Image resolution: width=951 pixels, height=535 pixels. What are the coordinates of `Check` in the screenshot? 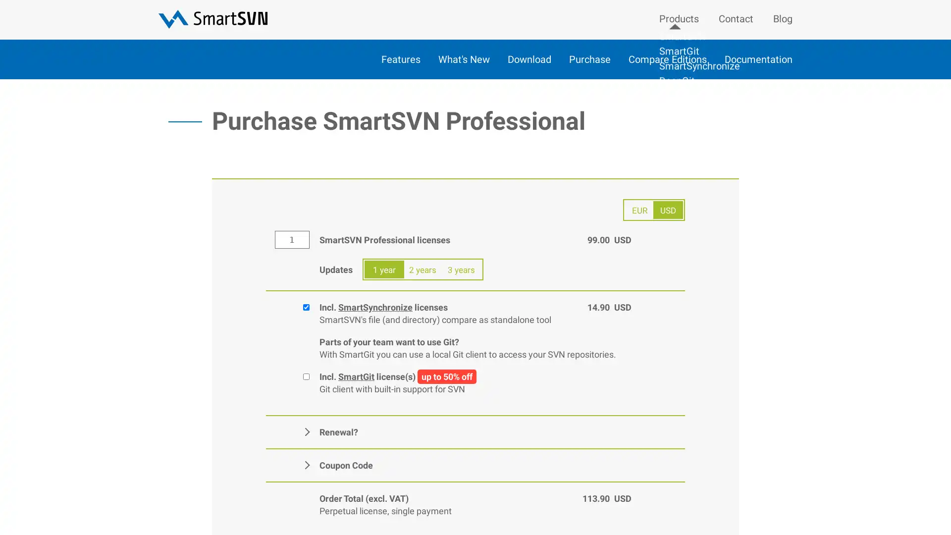 It's located at (426, 470).